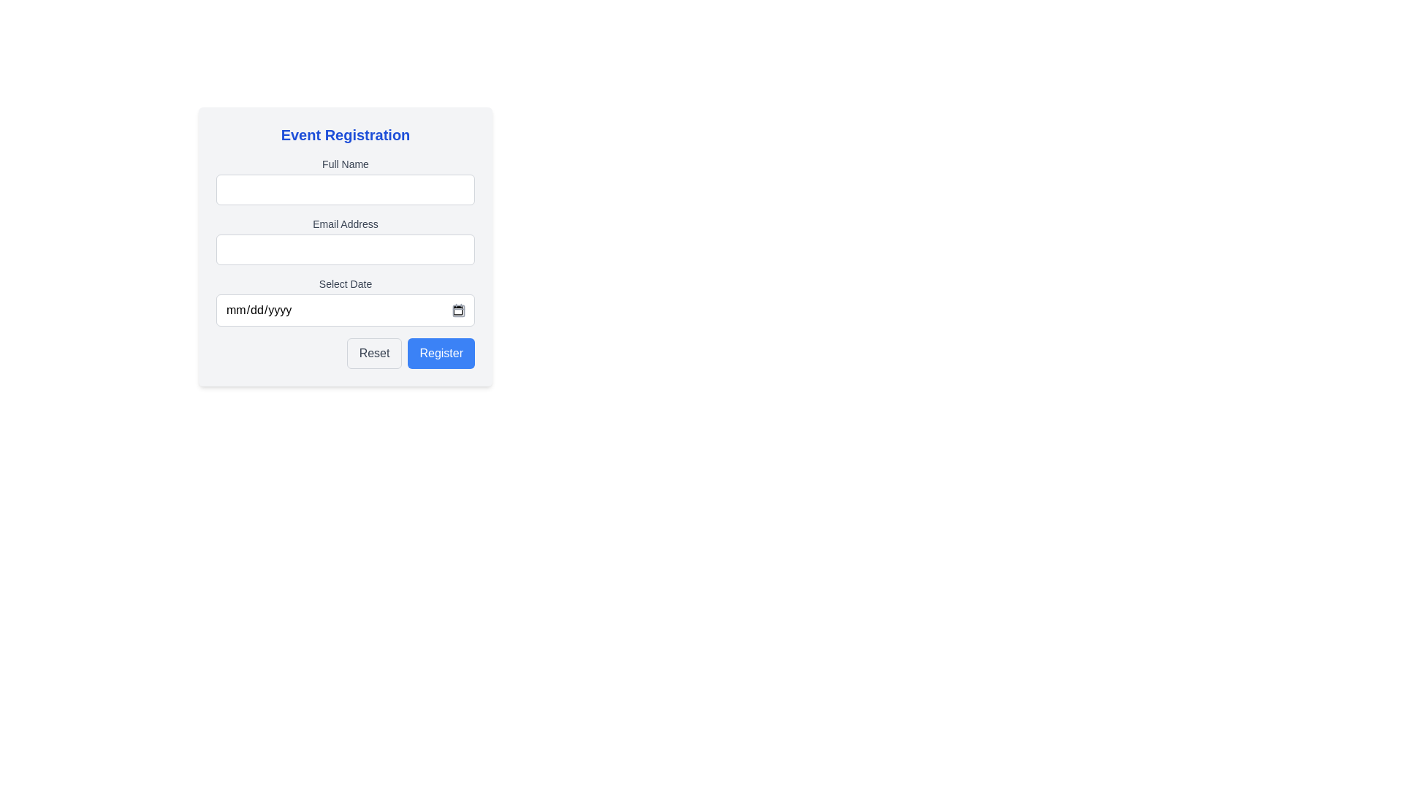 This screenshot has height=789, width=1403. I want to click on the calendar icon button located to the right of the 'Select Date' input field in the registration form layout, so click(458, 309).